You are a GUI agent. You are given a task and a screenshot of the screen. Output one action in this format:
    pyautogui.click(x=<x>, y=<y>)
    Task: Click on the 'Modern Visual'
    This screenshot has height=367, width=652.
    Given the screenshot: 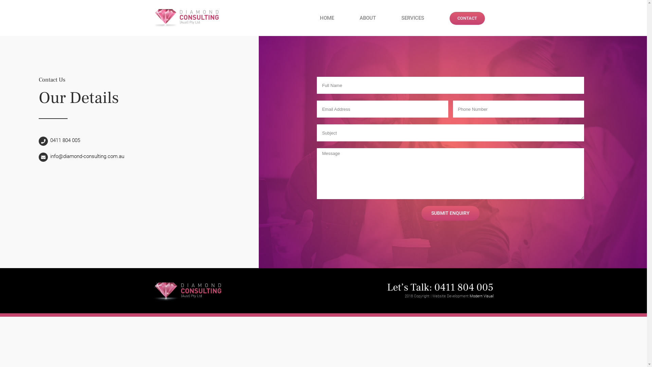 What is the action you would take?
    pyautogui.click(x=481, y=296)
    